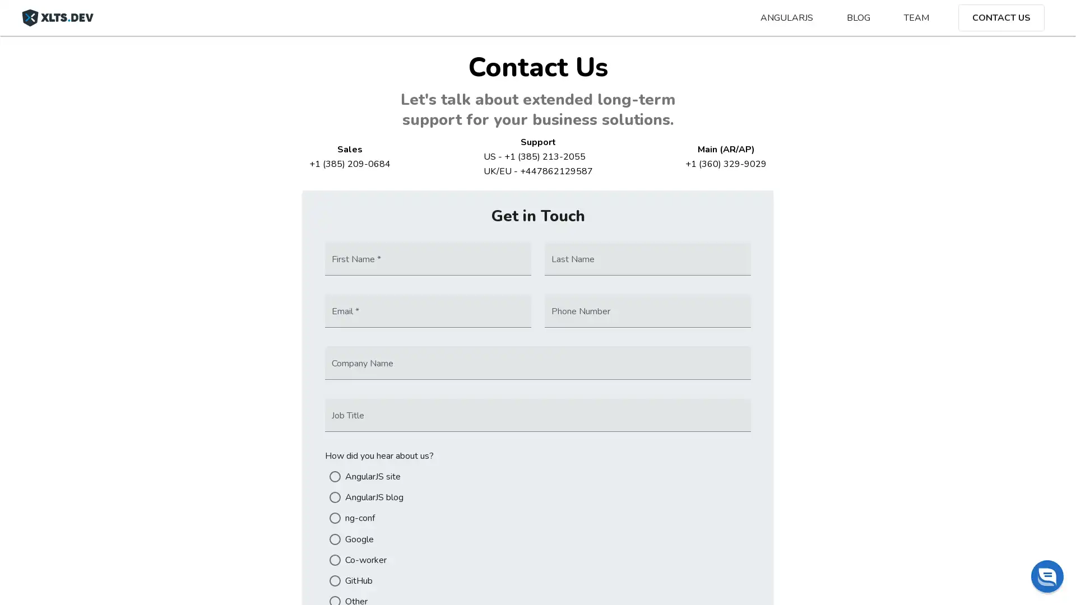 Image resolution: width=1076 pixels, height=605 pixels. Describe the element at coordinates (1046, 576) in the screenshot. I see `Chat widget toggle` at that location.